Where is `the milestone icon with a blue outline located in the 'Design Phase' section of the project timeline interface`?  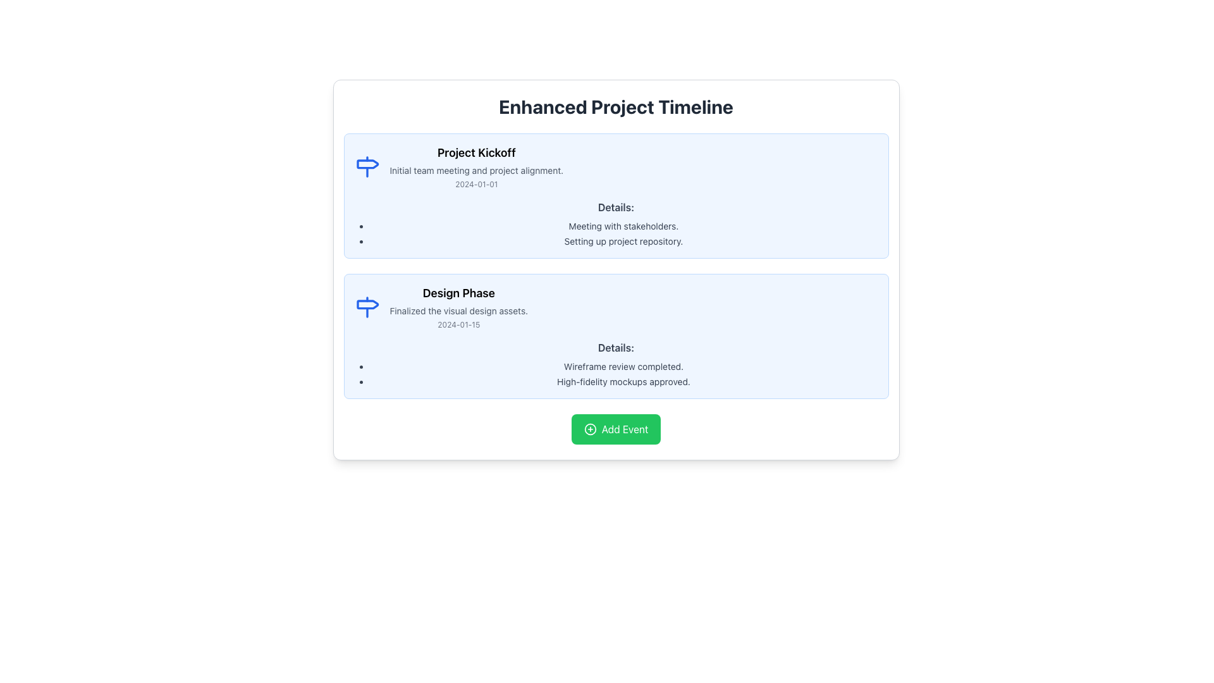 the milestone icon with a blue outline located in the 'Design Phase' section of the project timeline interface is located at coordinates (366, 307).